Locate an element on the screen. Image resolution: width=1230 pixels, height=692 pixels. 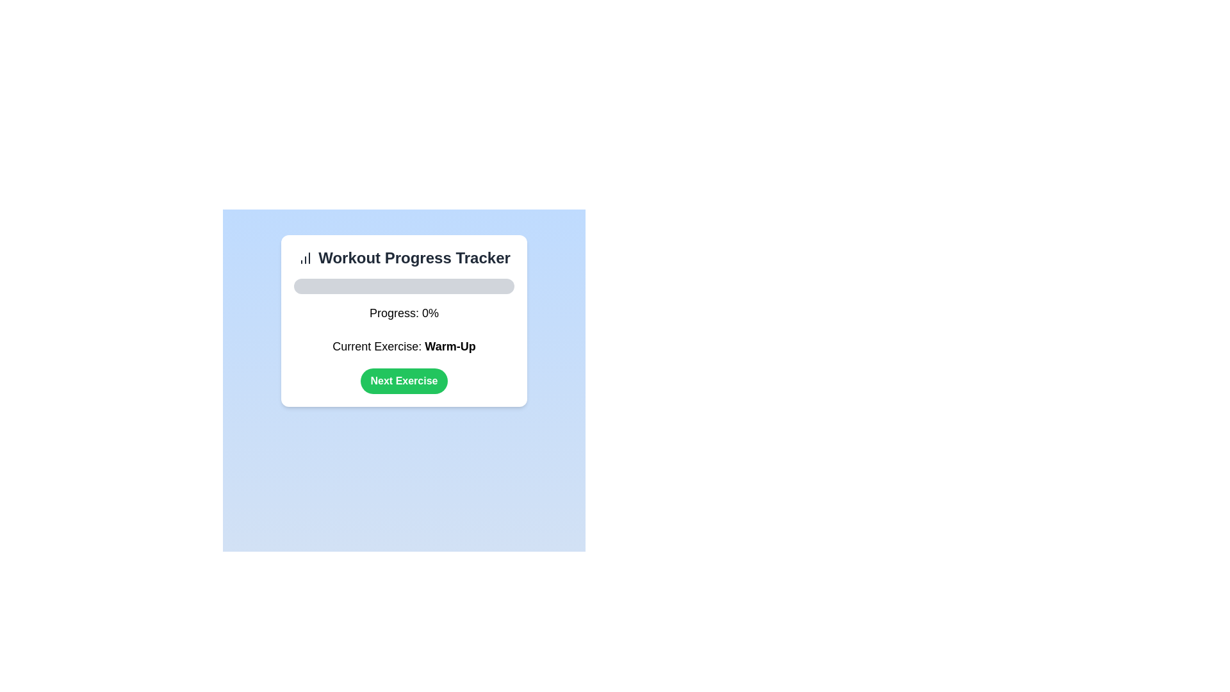
the 'Workout Progress Tracker' title text label with icon, which is positioned at the top of the card above the progress bar is located at coordinates (403, 258).